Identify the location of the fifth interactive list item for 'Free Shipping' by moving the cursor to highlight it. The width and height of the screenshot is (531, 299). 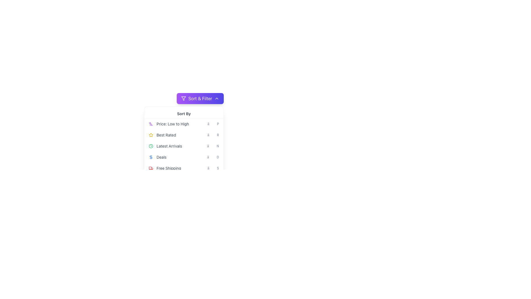
(184, 168).